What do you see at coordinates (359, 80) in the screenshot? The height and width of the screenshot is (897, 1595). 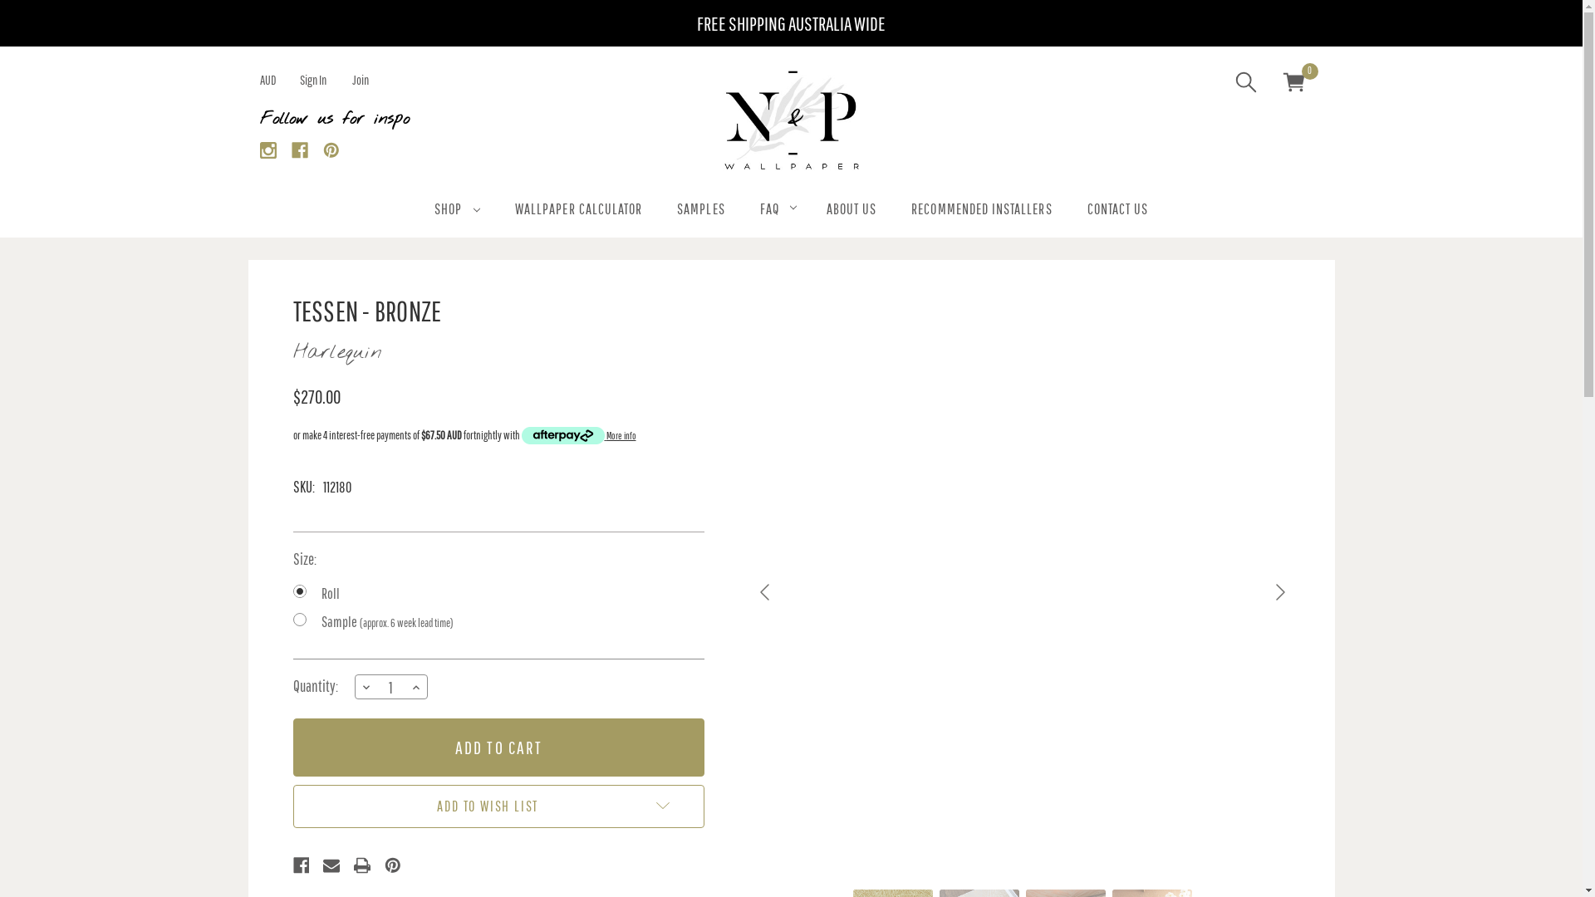 I see `'Join'` at bounding box center [359, 80].